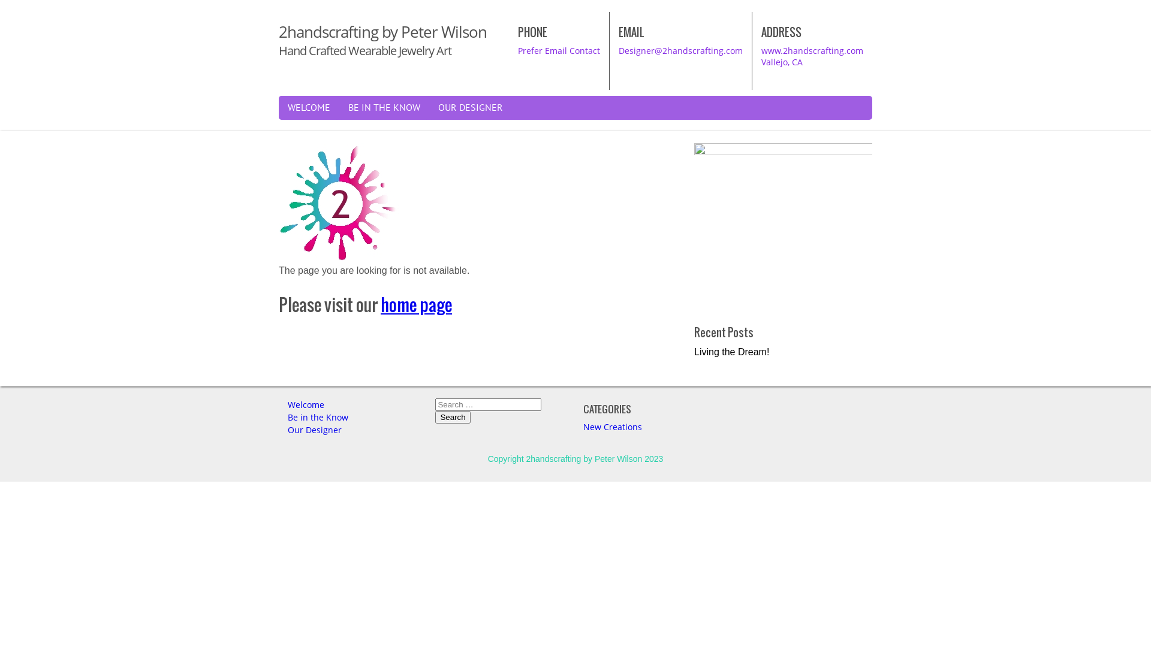 The height and width of the screenshot is (647, 1151). What do you see at coordinates (613, 426) in the screenshot?
I see `'New Creations'` at bounding box center [613, 426].